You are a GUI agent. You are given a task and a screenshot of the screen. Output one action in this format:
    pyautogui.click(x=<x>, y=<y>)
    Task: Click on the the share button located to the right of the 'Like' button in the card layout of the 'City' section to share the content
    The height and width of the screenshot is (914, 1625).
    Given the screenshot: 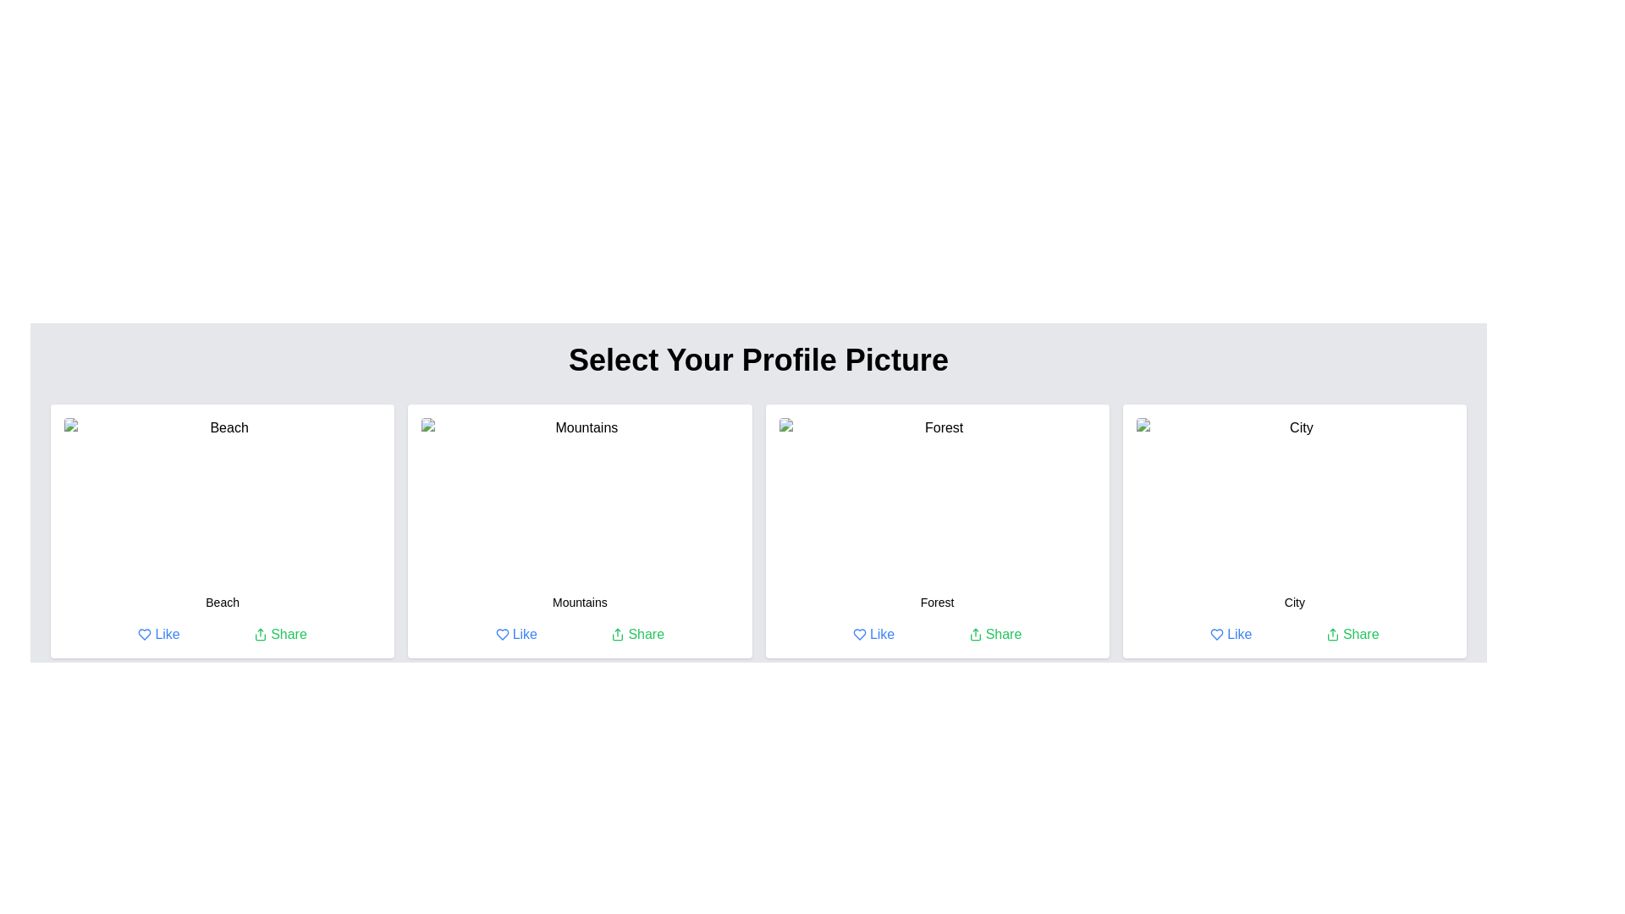 What is the action you would take?
    pyautogui.click(x=1352, y=634)
    